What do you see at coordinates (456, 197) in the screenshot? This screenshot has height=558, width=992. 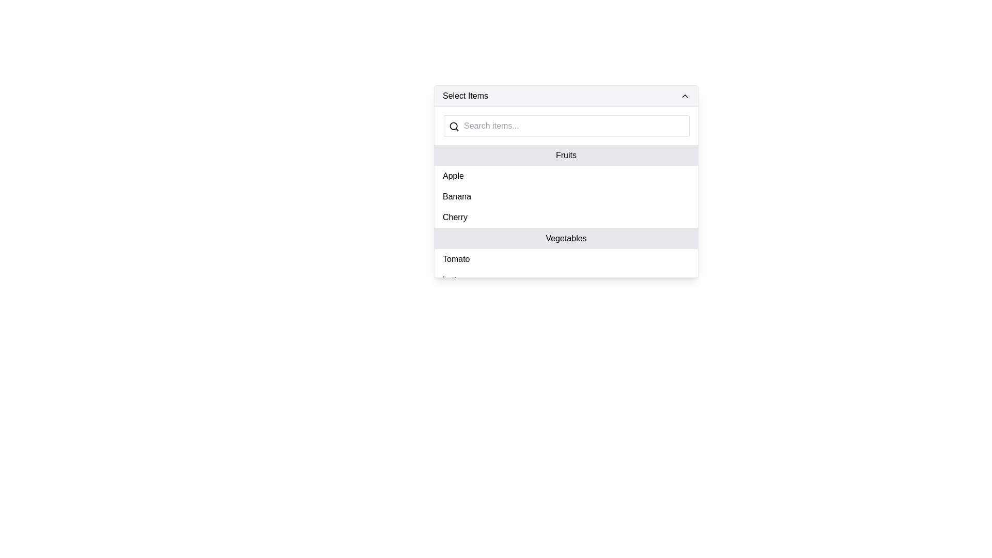 I see `to select the second item under the 'Fruits' category in the dropdown menu, located between 'Apple' and 'Cherry'` at bounding box center [456, 197].